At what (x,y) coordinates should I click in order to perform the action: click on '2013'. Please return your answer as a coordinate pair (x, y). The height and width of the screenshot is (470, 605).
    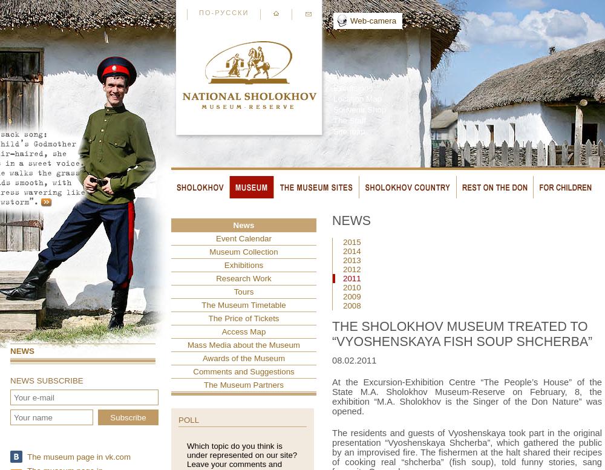
    Looking at the image, I should click on (351, 259).